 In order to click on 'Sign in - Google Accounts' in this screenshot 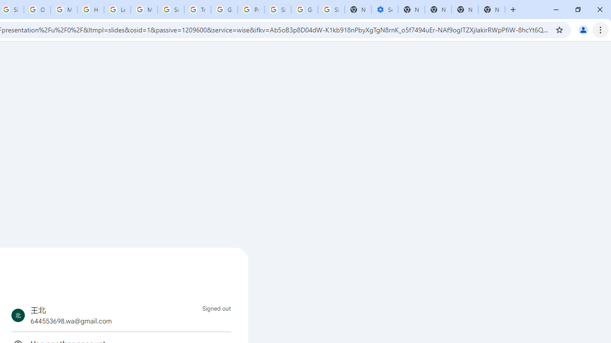, I will do `click(277, 10)`.